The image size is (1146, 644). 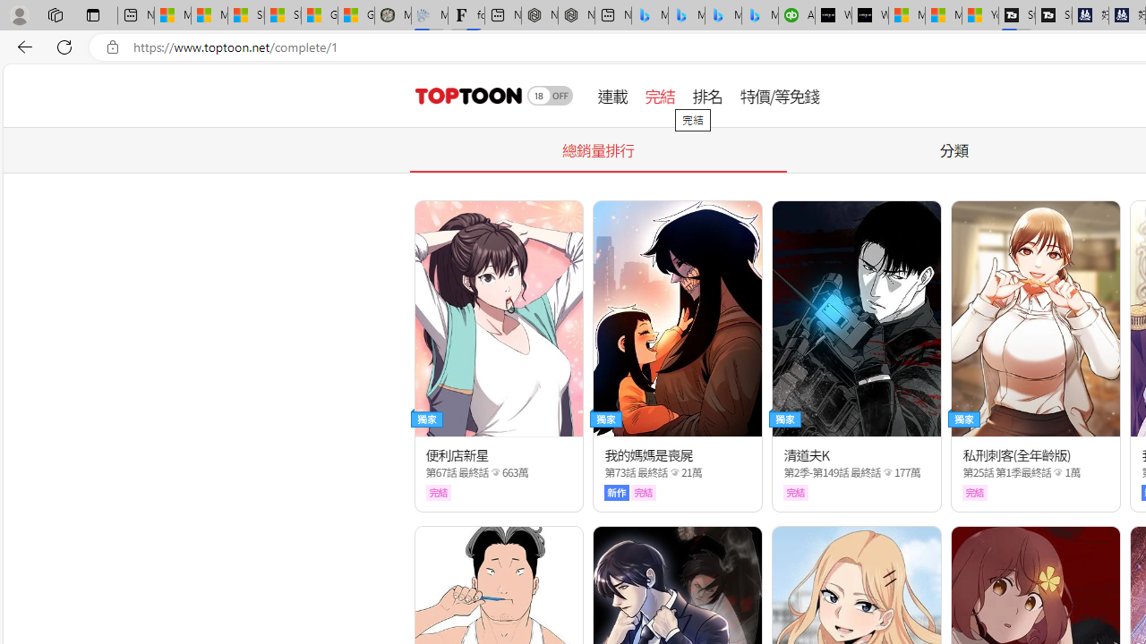 I want to click on 'Microsoft Bing Travel - Stays in Bangkok, Bangkok, Thailand', so click(x=686, y=15).